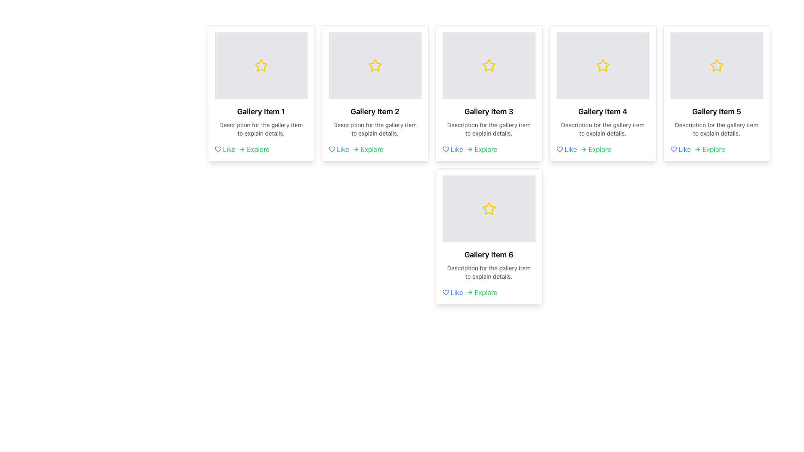 This screenshot has height=452, width=804. I want to click on the appreciation button for 'Gallery Item 3' located in the bottom section of its card, so click(452, 149).